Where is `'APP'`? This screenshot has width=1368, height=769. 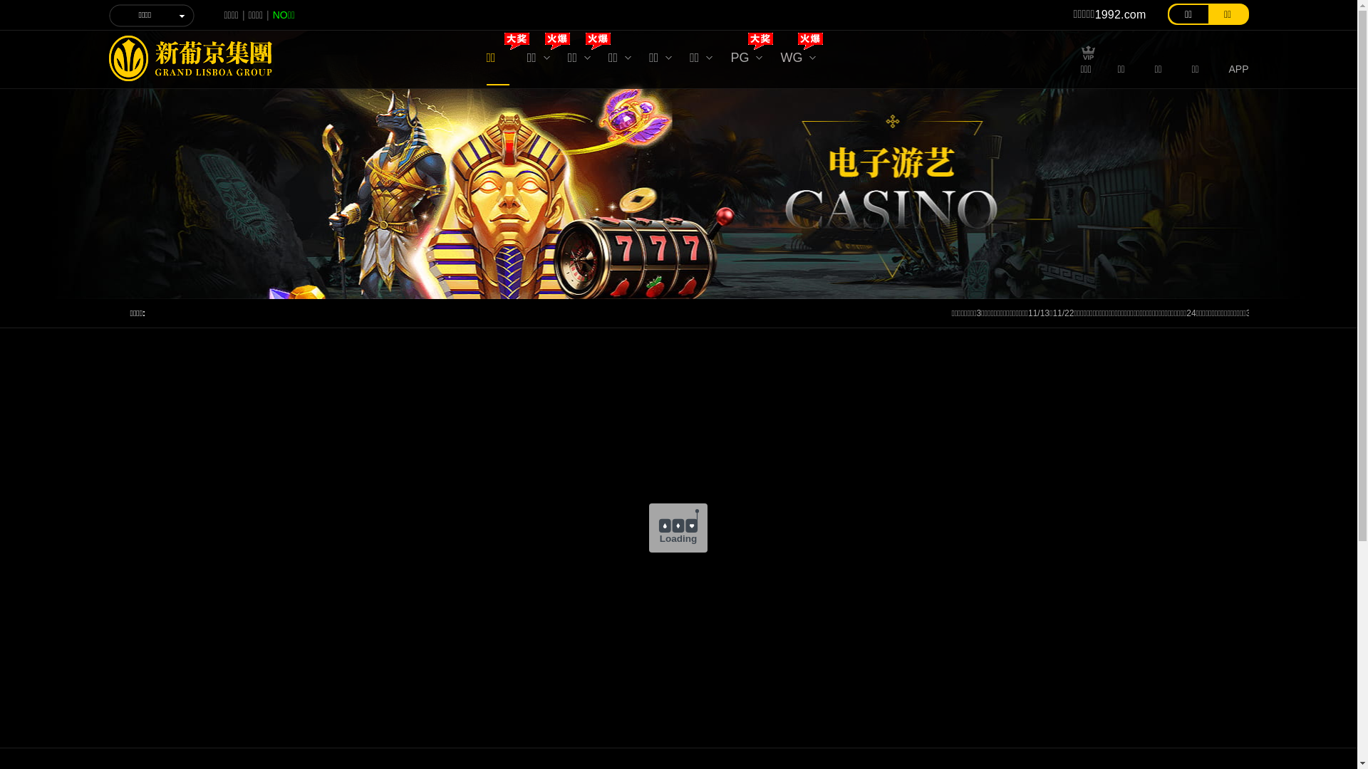
'APP' is located at coordinates (1227, 66).